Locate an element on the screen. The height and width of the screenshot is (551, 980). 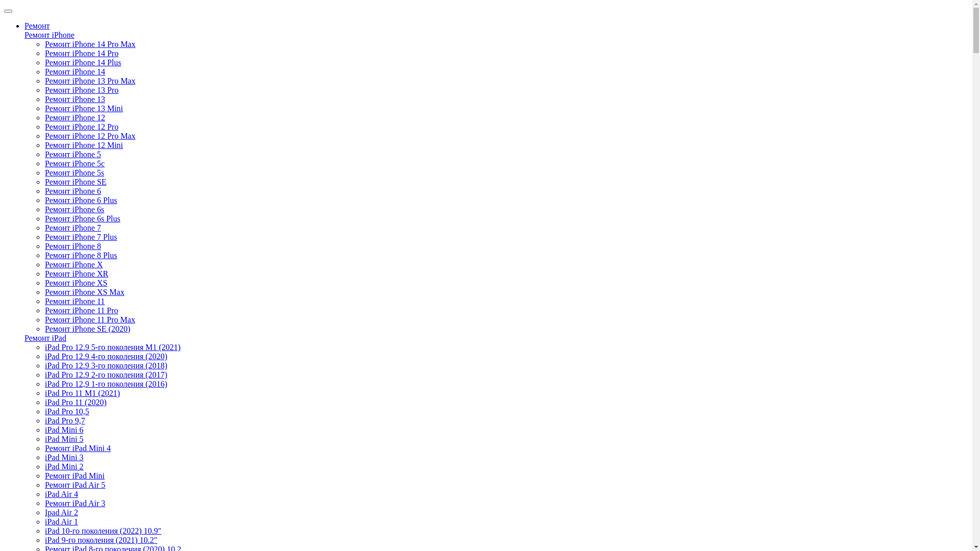
'iPad Pro 11 M1 (2021)' is located at coordinates (82, 392).